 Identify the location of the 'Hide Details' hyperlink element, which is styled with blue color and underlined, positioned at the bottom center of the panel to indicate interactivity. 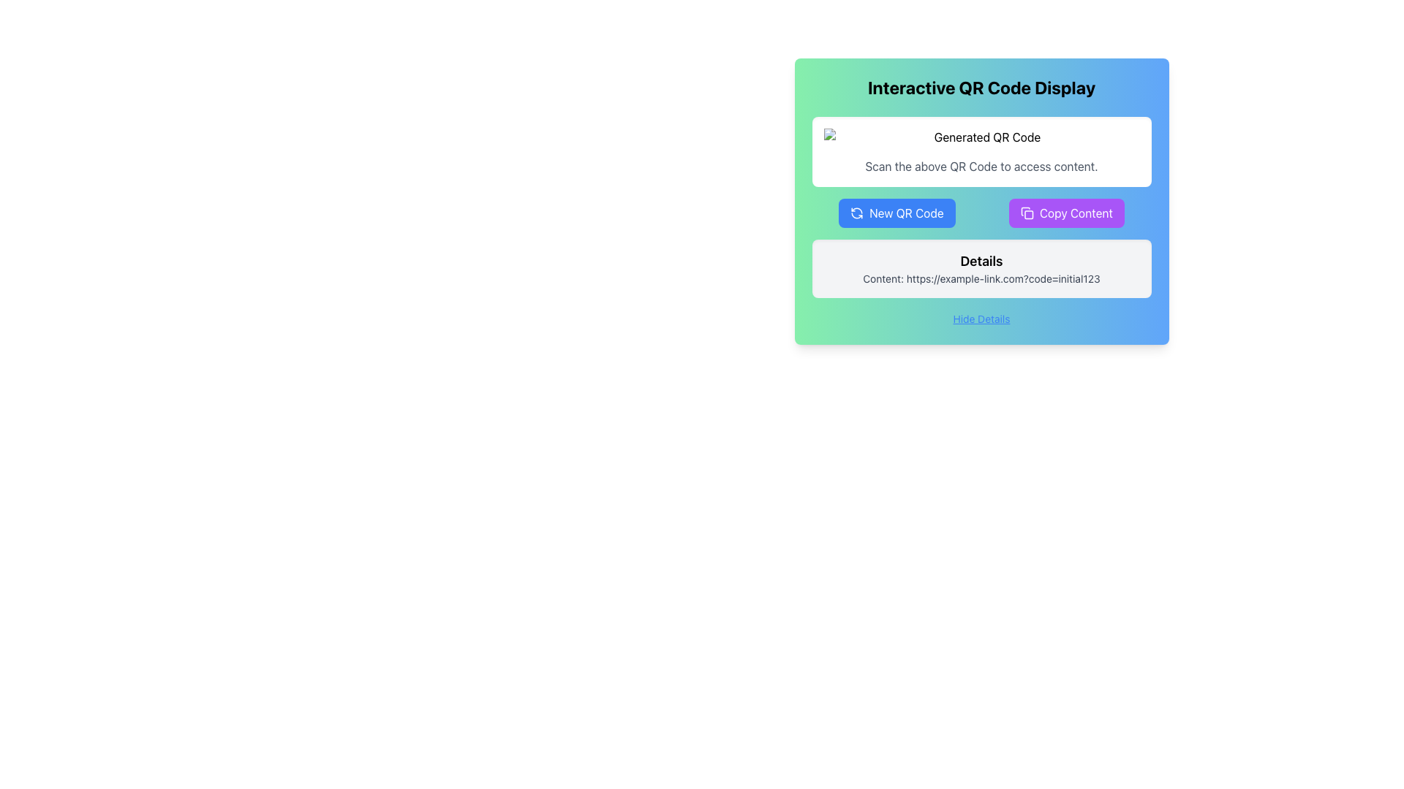
(981, 318).